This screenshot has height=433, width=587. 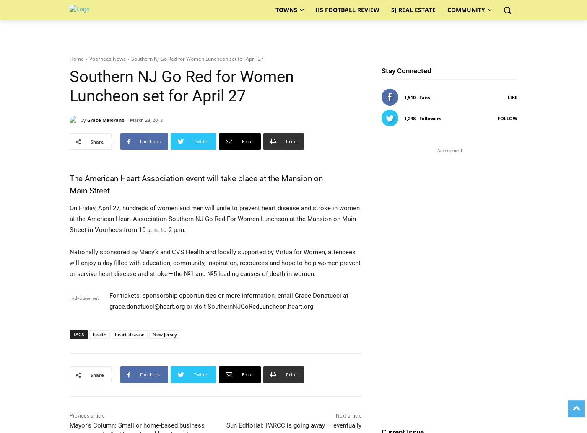 What do you see at coordinates (285, 42) in the screenshot?
I see `'Search'` at bounding box center [285, 42].